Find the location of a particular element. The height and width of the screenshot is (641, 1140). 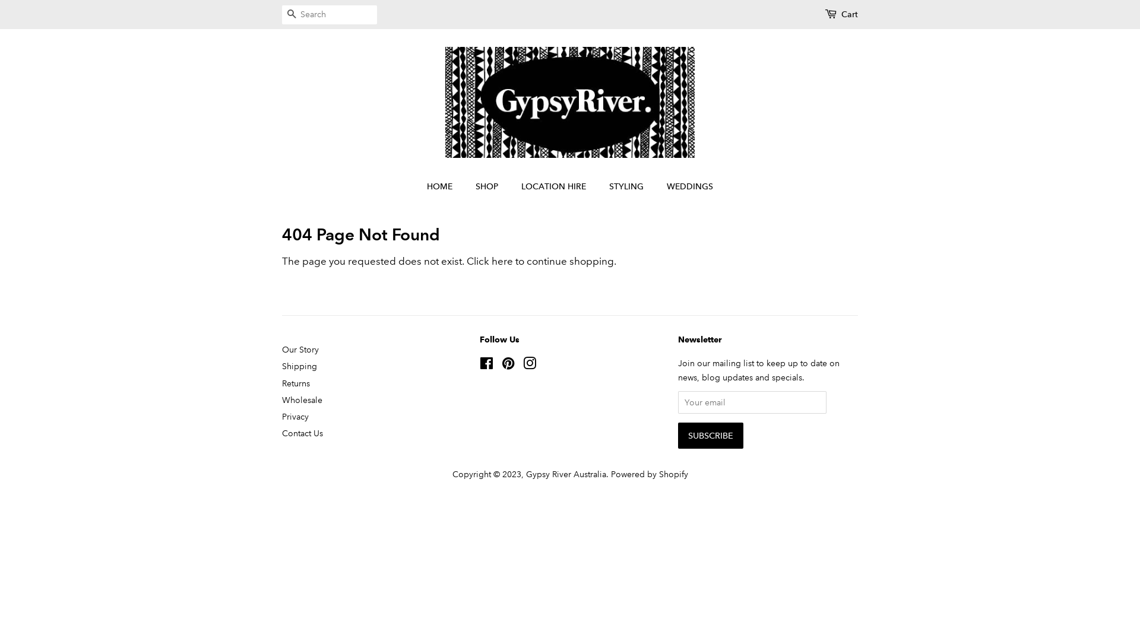

'Shipping' is located at coordinates (299, 366).